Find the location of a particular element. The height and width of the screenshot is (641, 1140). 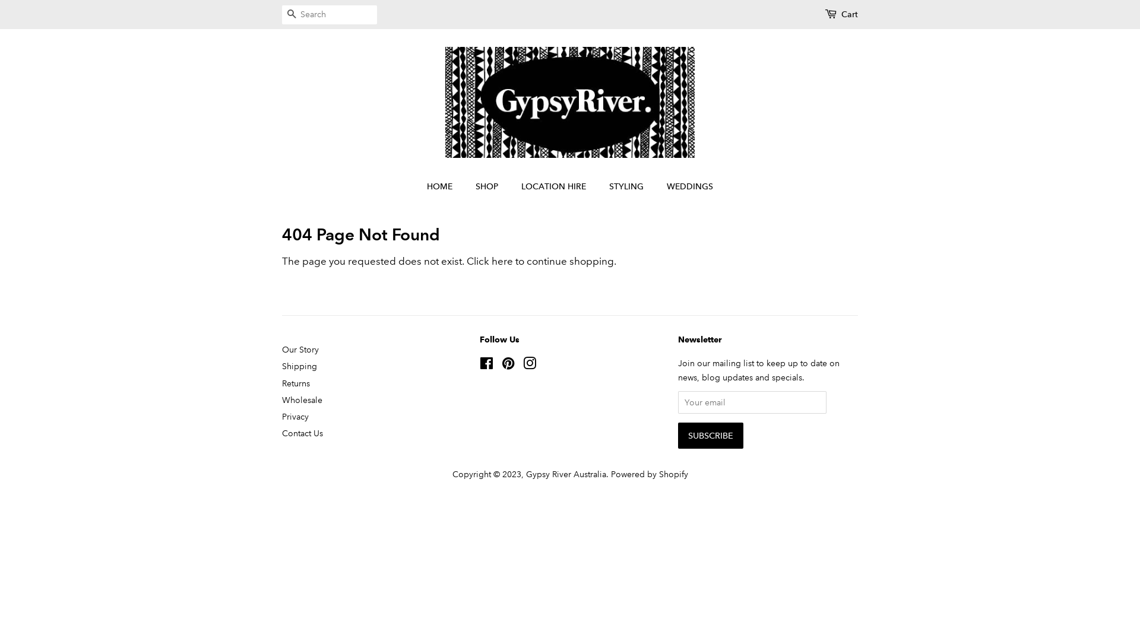

'Shipping' is located at coordinates (299, 366).